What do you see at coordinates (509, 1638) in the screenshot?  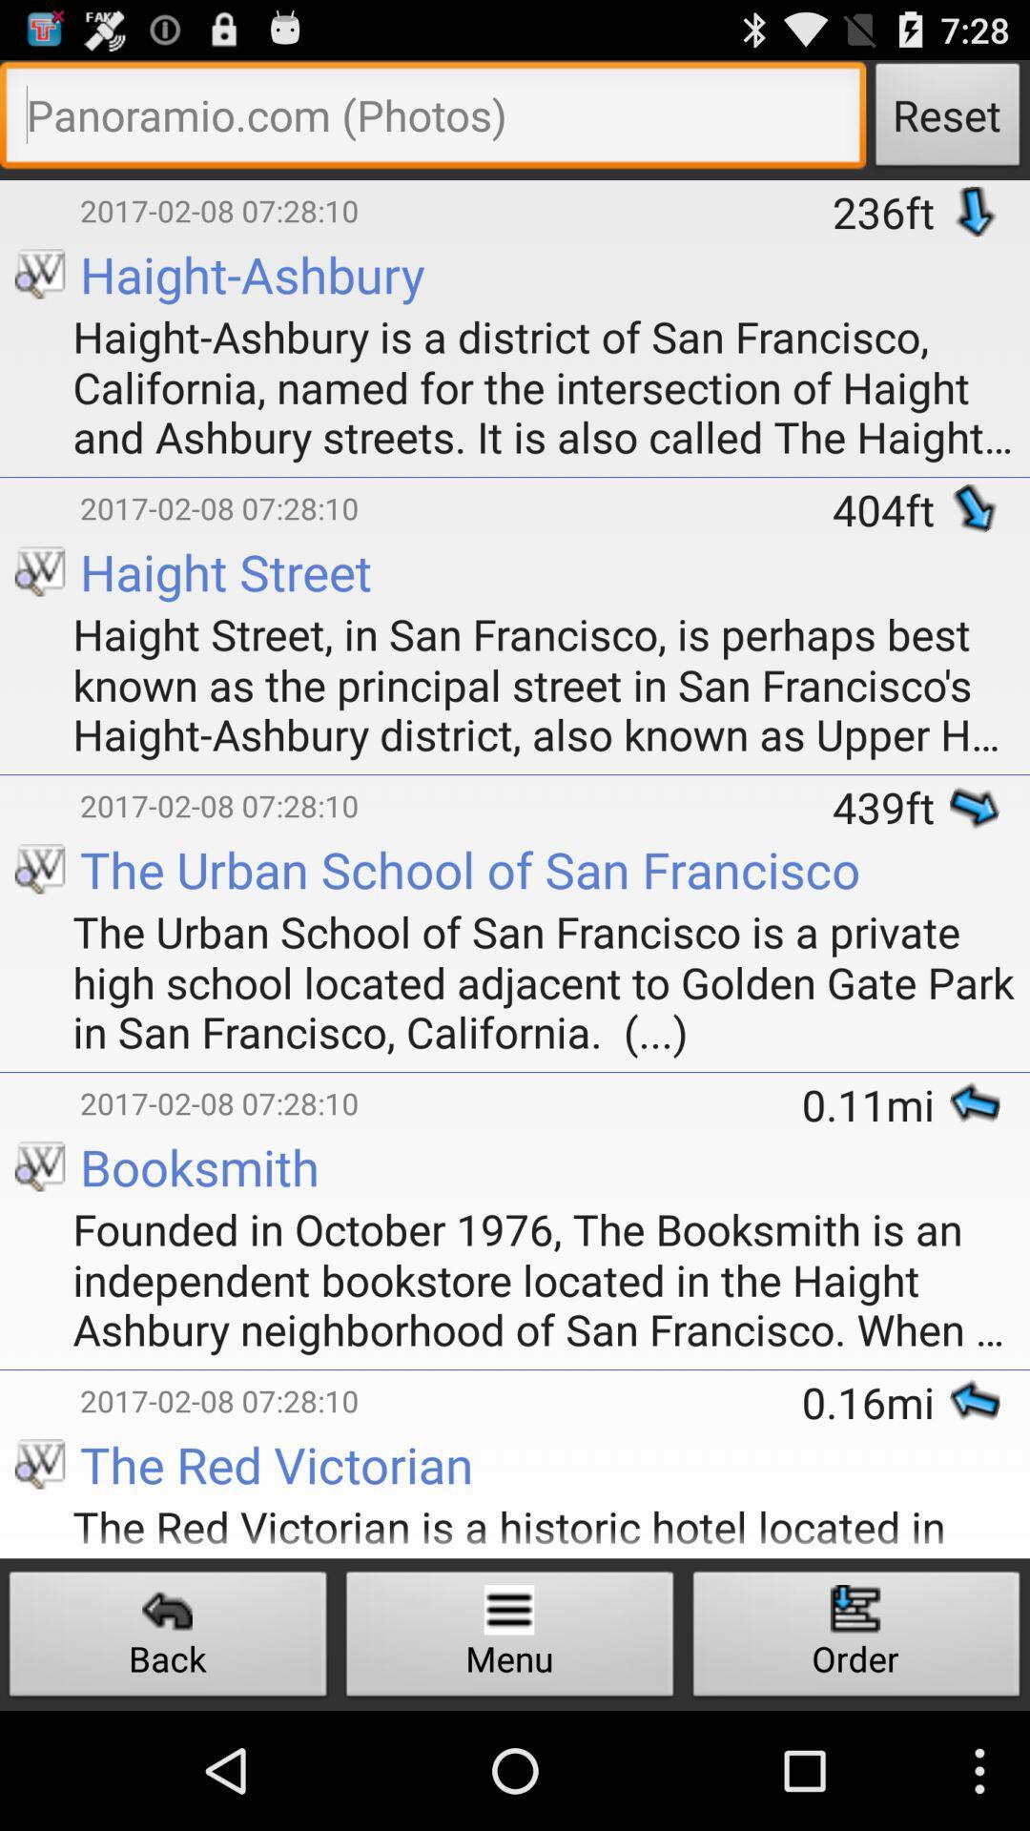 I see `app below the the red victorian app` at bounding box center [509, 1638].